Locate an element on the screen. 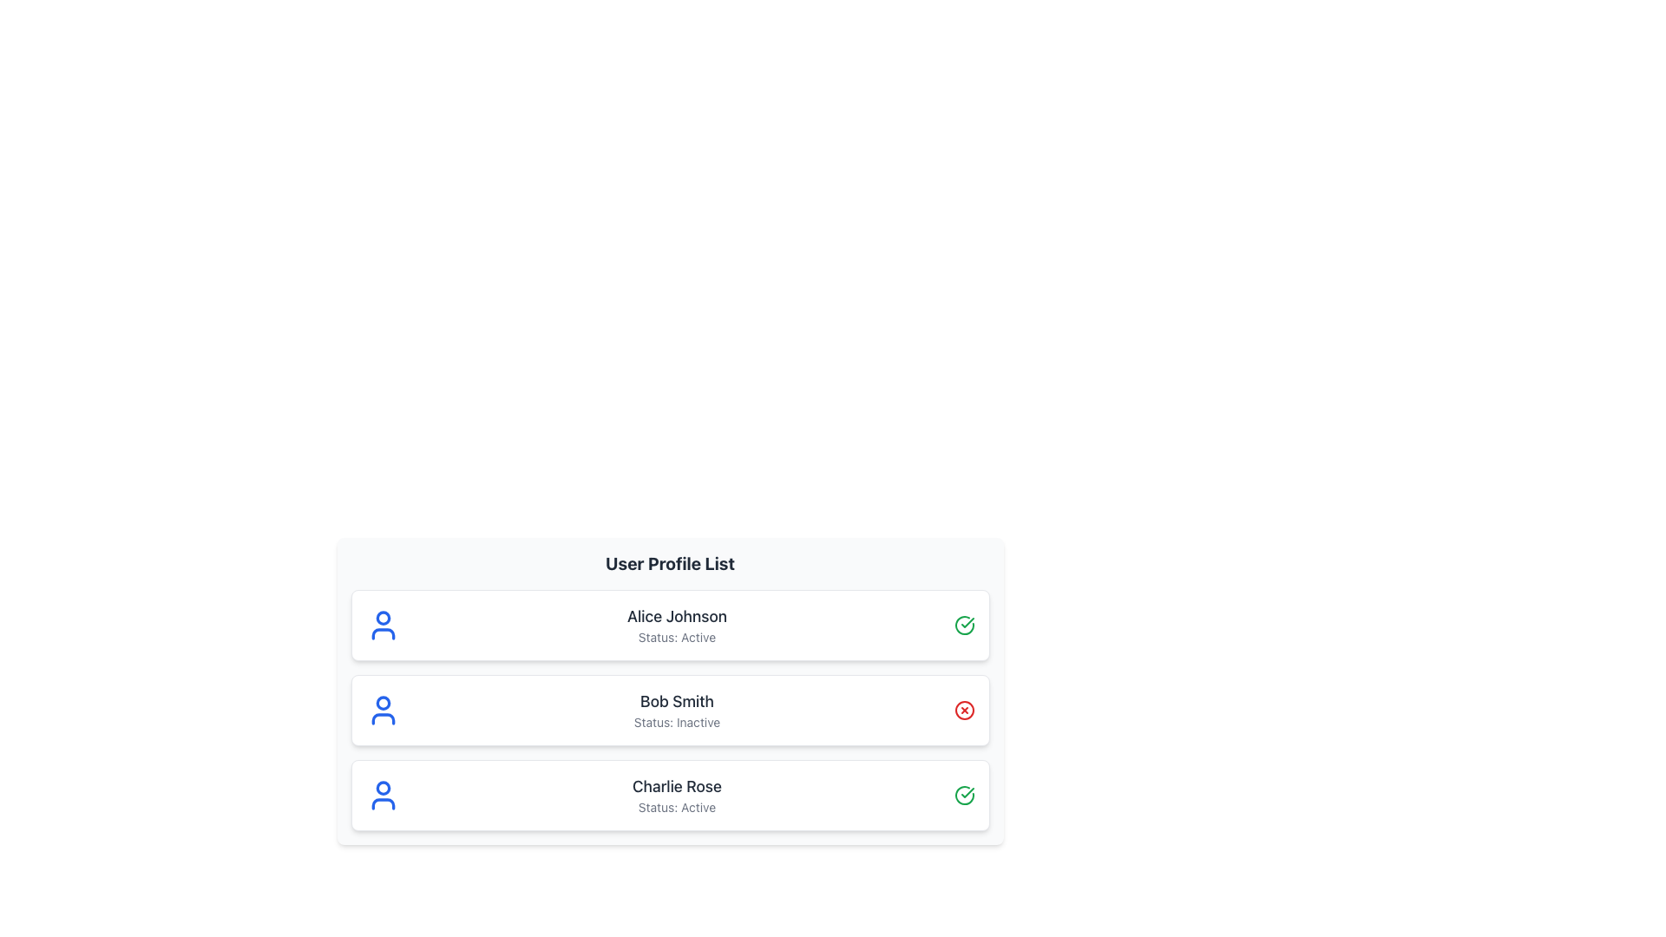 The width and height of the screenshot is (1666, 937). the static information card representing the profile of user Alice Johnson, which is the first card in the user profile list, located directly below the 'User Profile List' heading is located at coordinates (669, 626).